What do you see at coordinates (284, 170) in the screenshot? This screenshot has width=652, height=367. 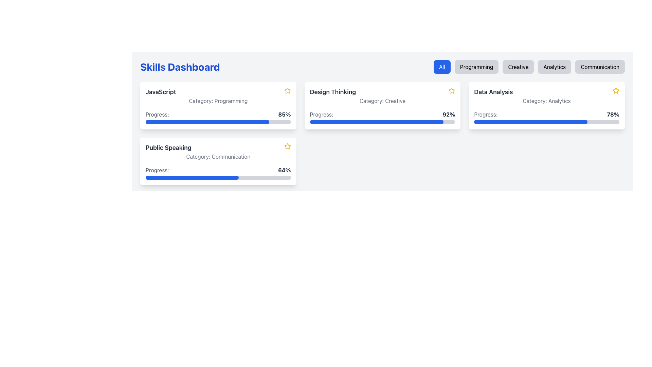 I see `displayed percentage from the Text Label that shows the progress value, located to the right of the 'Progress:' label within the 'Public Speaking' card` at bounding box center [284, 170].